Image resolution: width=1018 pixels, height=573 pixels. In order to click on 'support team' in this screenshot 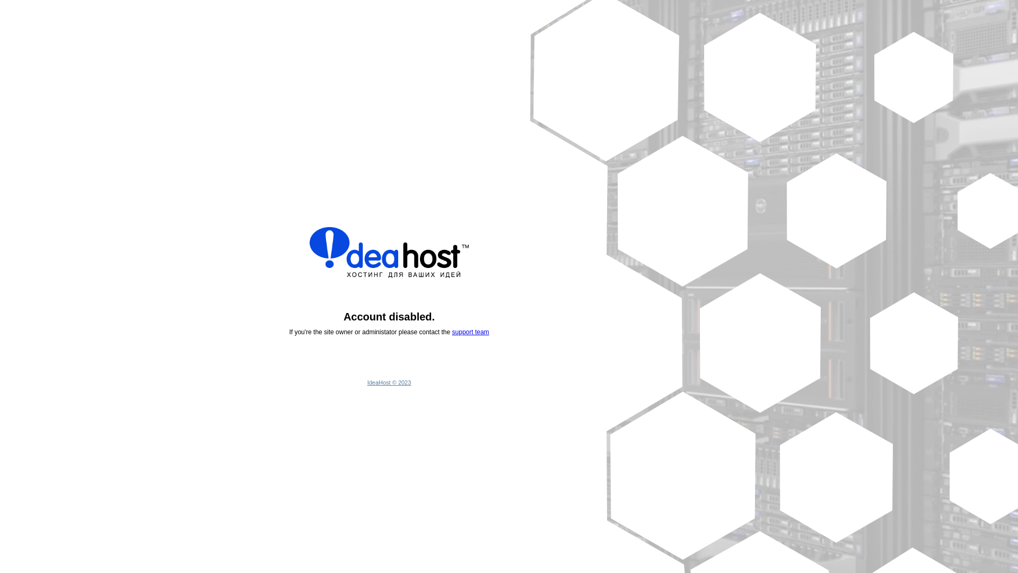, I will do `click(470, 331)`.